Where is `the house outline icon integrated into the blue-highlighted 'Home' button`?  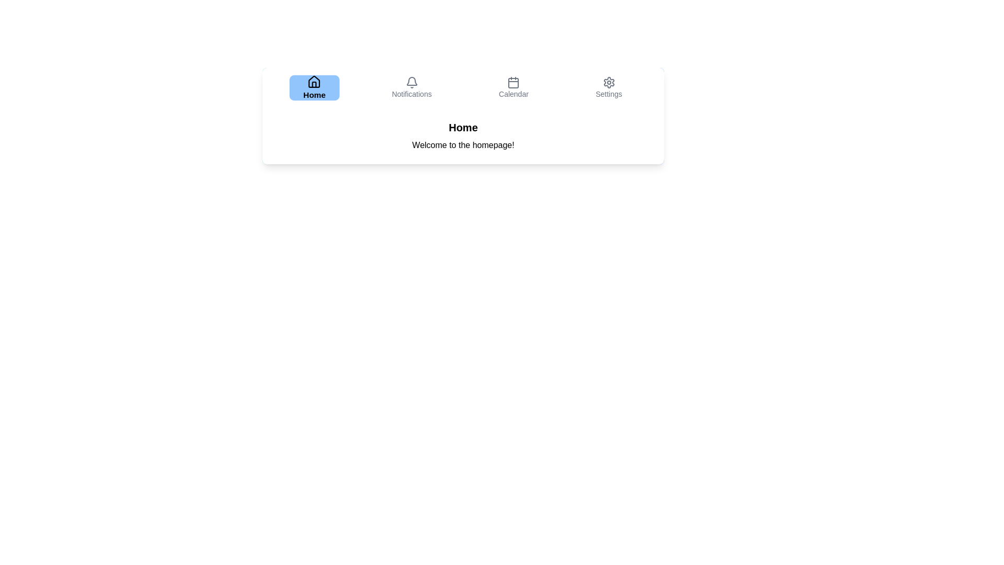 the house outline icon integrated into the blue-highlighted 'Home' button is located at coordinates (314, 81).